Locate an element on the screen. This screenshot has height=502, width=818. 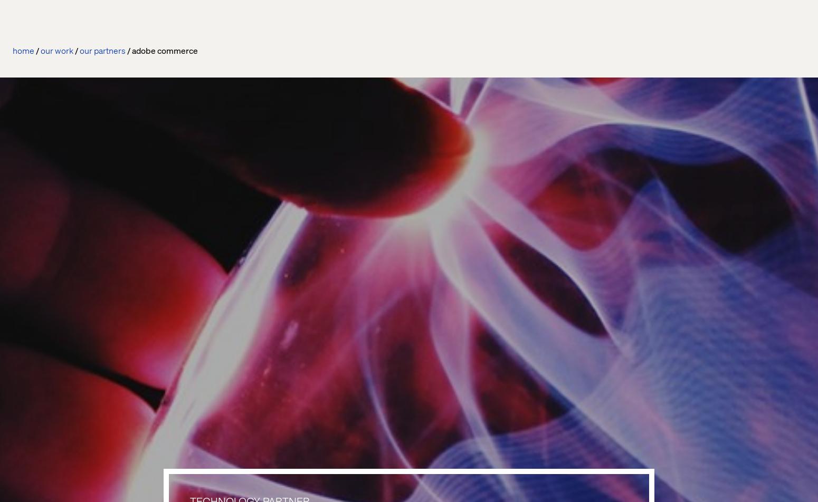
'Recent Cases & Insights' is located at coordinates (151, 224).